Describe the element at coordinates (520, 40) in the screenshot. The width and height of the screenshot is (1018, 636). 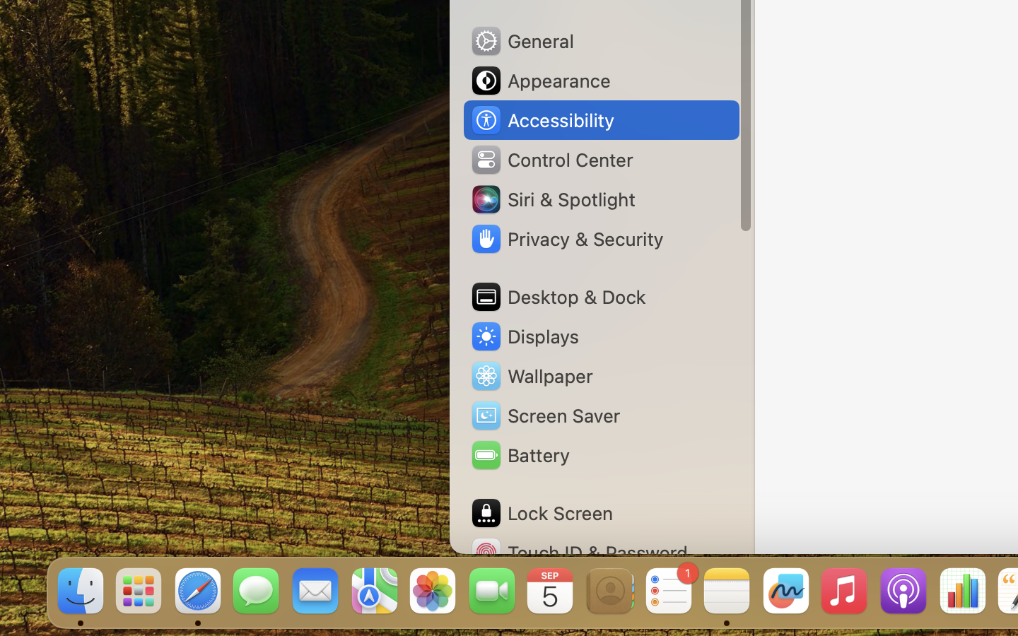
I see `'General'` at that location.